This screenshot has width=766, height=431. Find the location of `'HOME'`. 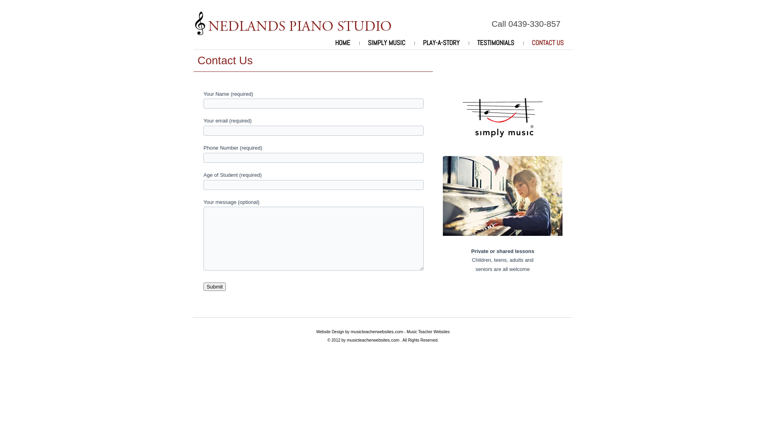

'HOME' is located at coordinates (328, 43).